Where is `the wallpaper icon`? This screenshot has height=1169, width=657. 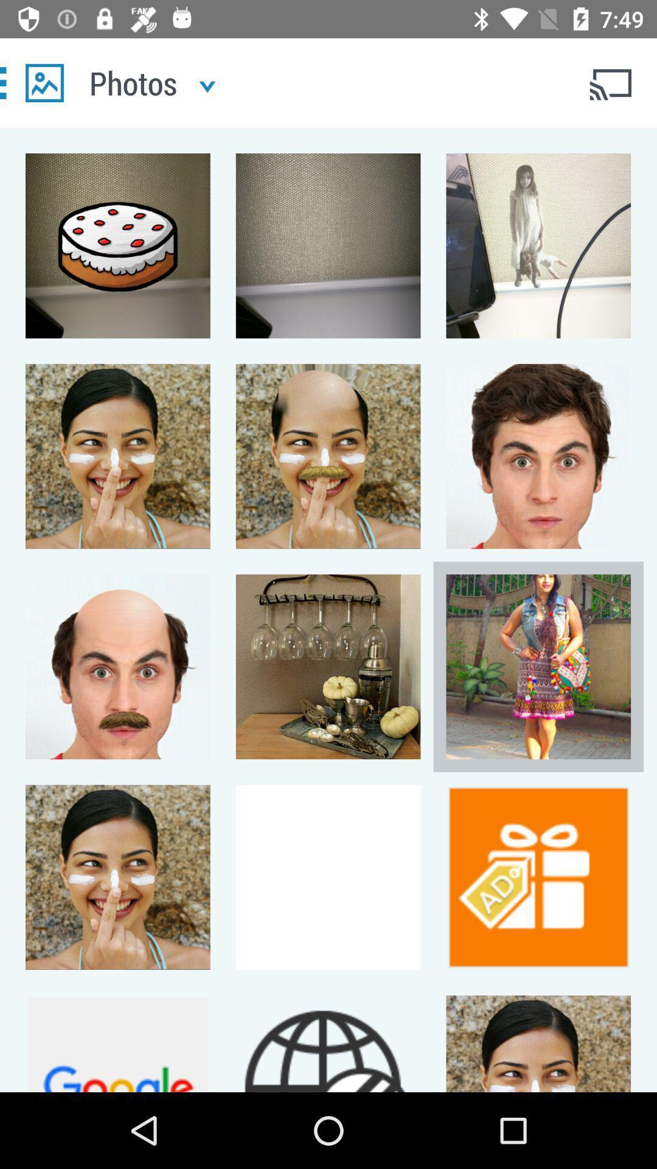
the wallpaper icon is located at coordinates (44, 82).